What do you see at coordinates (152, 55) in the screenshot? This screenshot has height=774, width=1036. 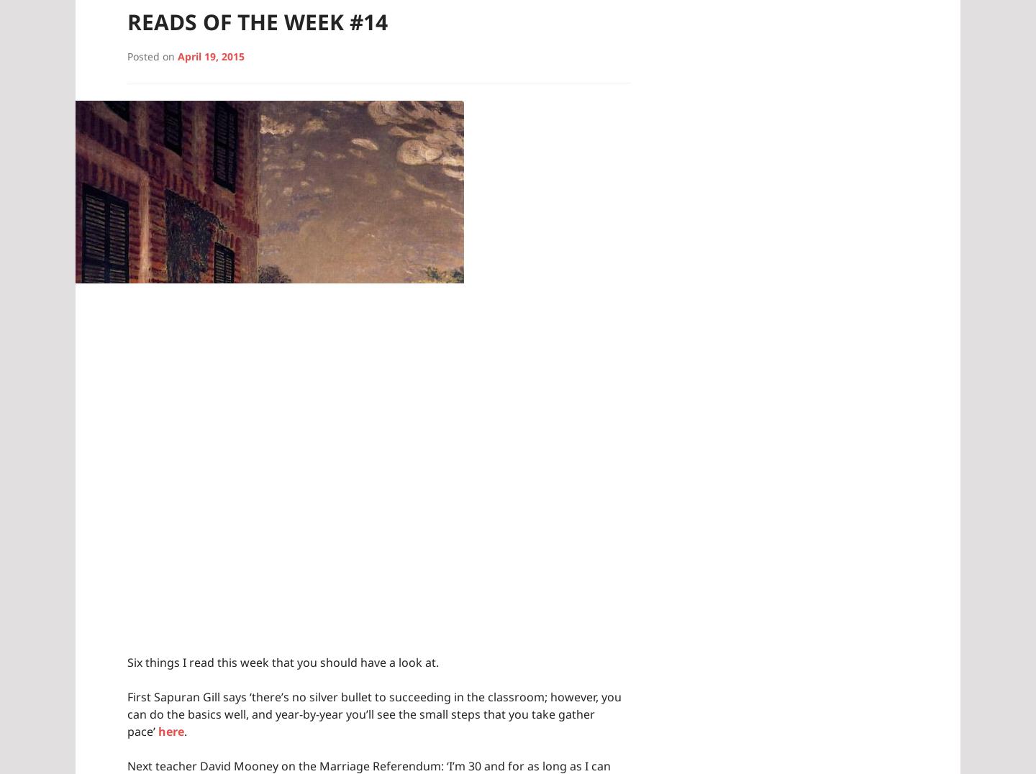 I see `'Posted on'` at bounding box center [152, 55].